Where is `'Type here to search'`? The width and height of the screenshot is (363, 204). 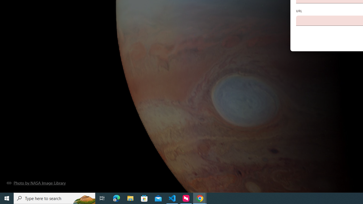 'Type here to search' is located at coordinates (54, 198).